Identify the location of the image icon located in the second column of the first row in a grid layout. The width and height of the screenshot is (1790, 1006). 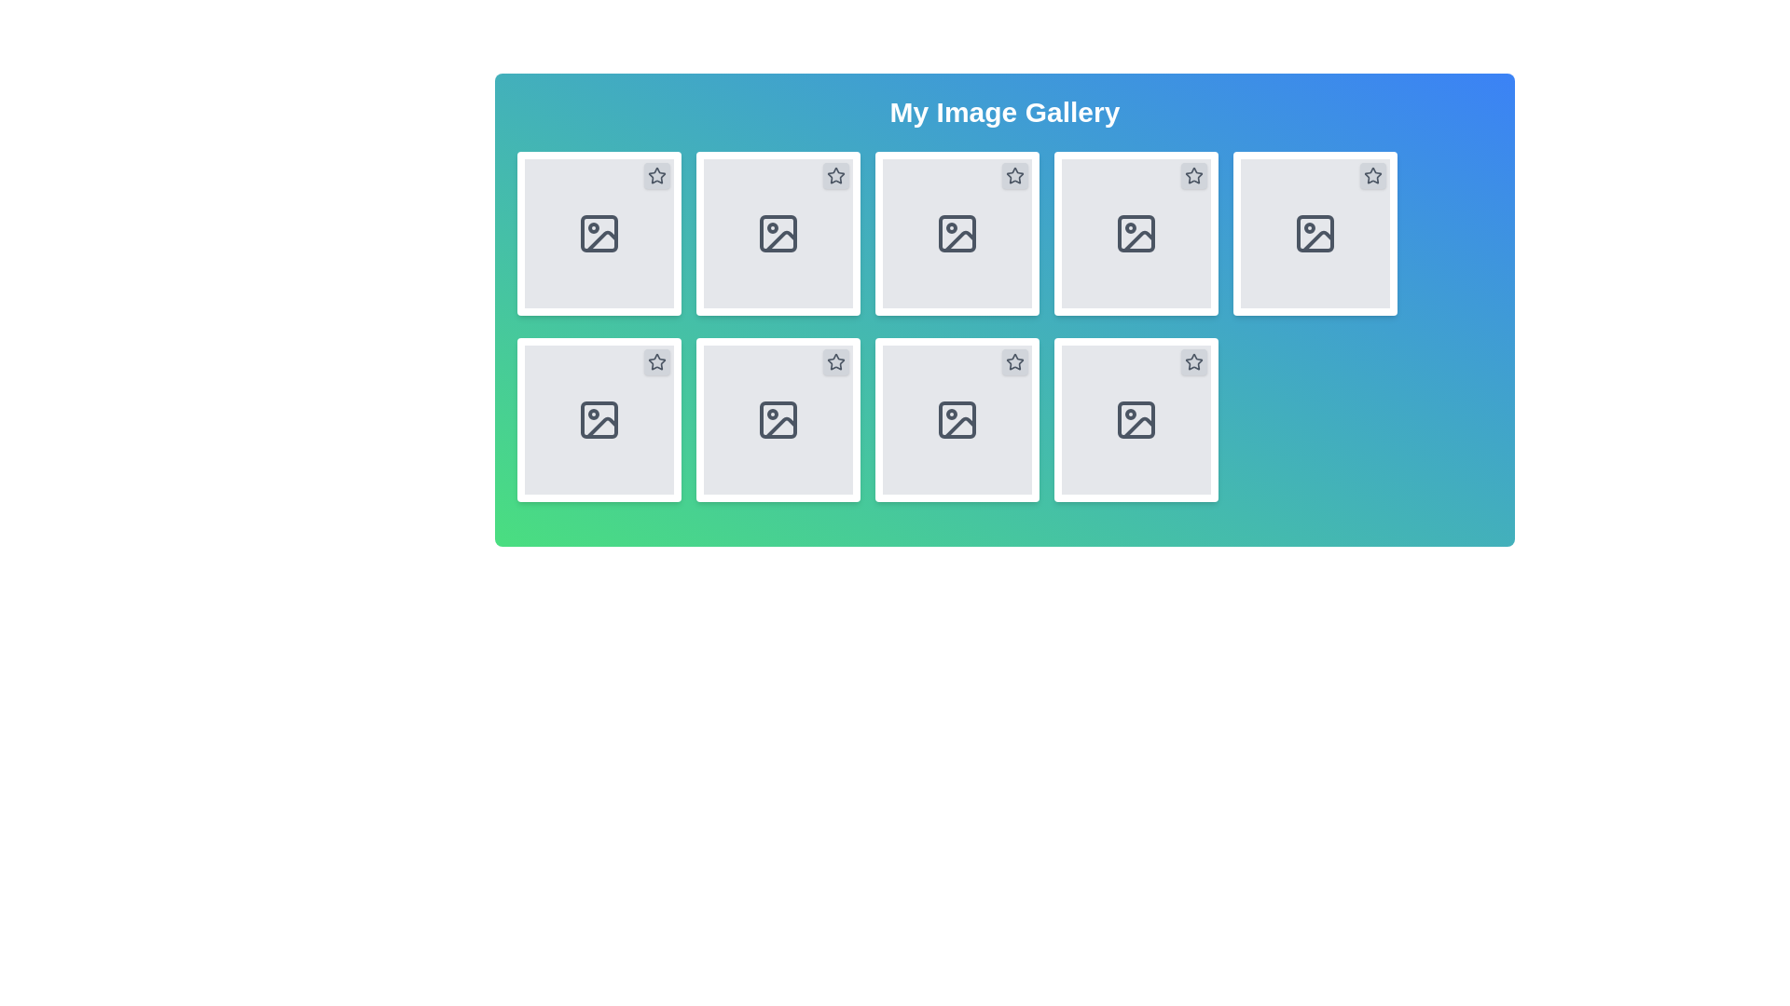
(778, 232).